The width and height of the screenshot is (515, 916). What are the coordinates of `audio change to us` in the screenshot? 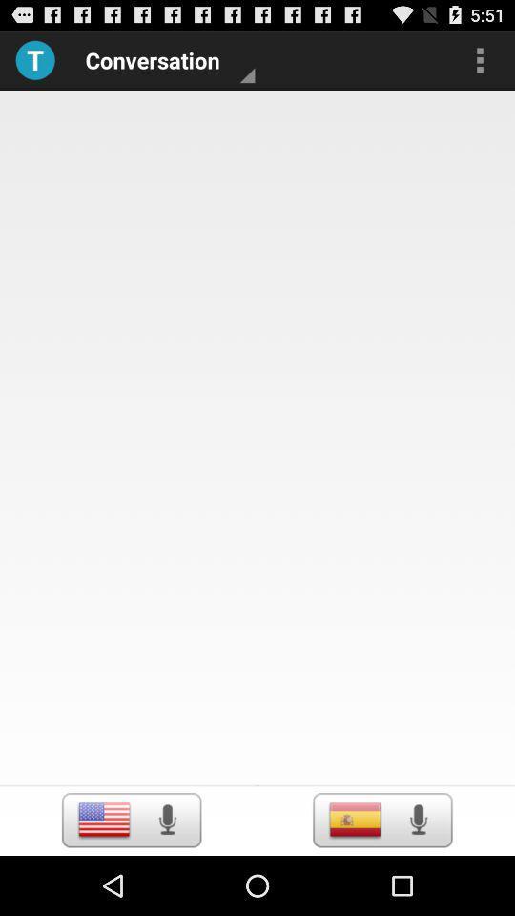 It's located at (104, 819).